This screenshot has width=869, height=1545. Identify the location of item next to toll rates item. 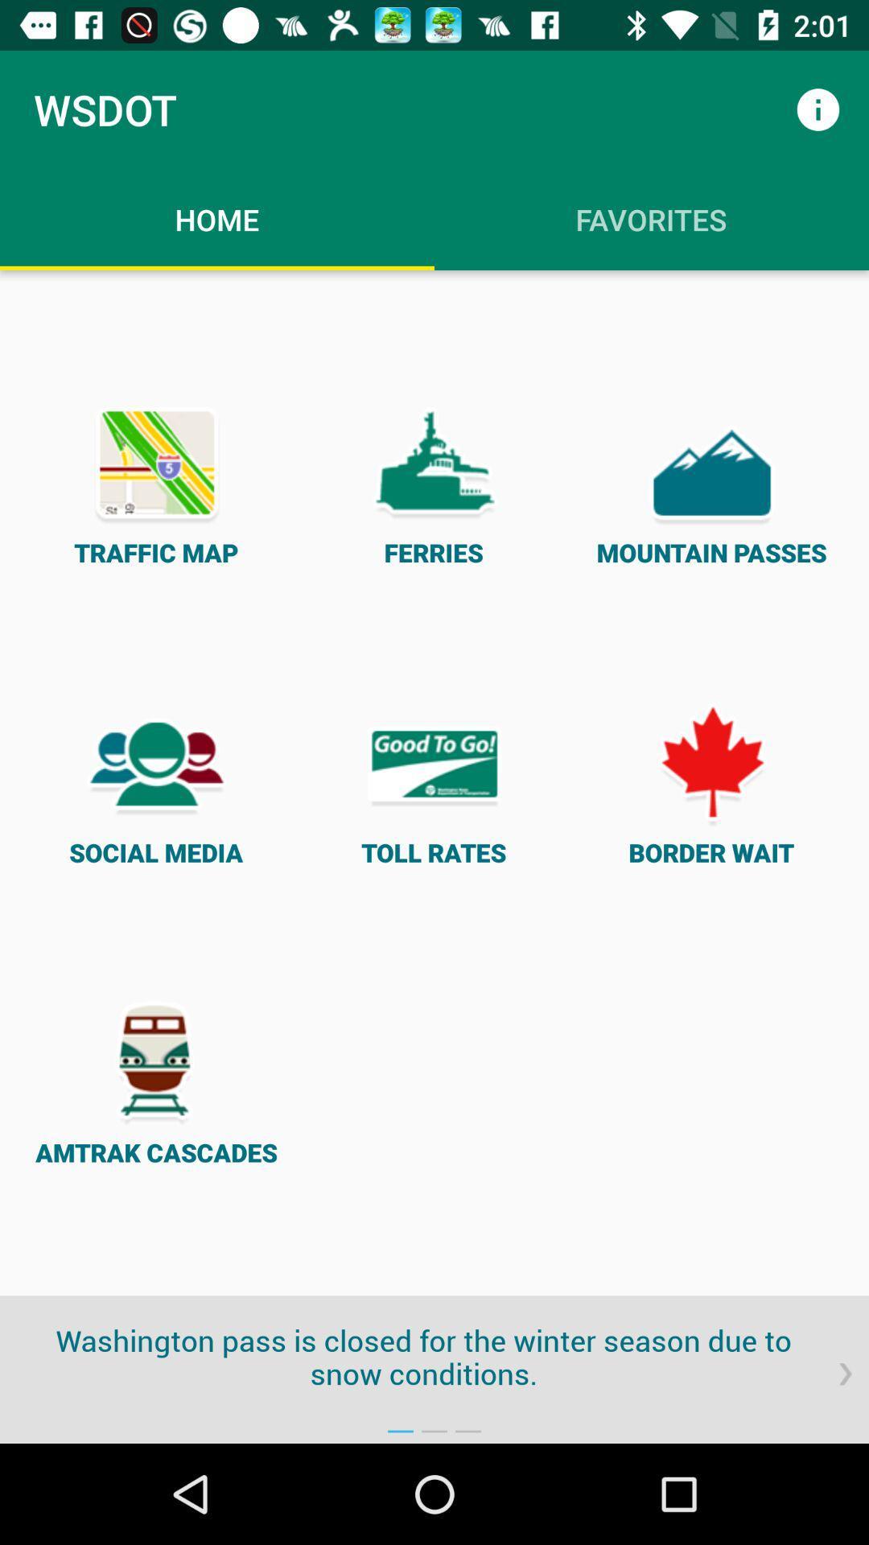
(156, 783).